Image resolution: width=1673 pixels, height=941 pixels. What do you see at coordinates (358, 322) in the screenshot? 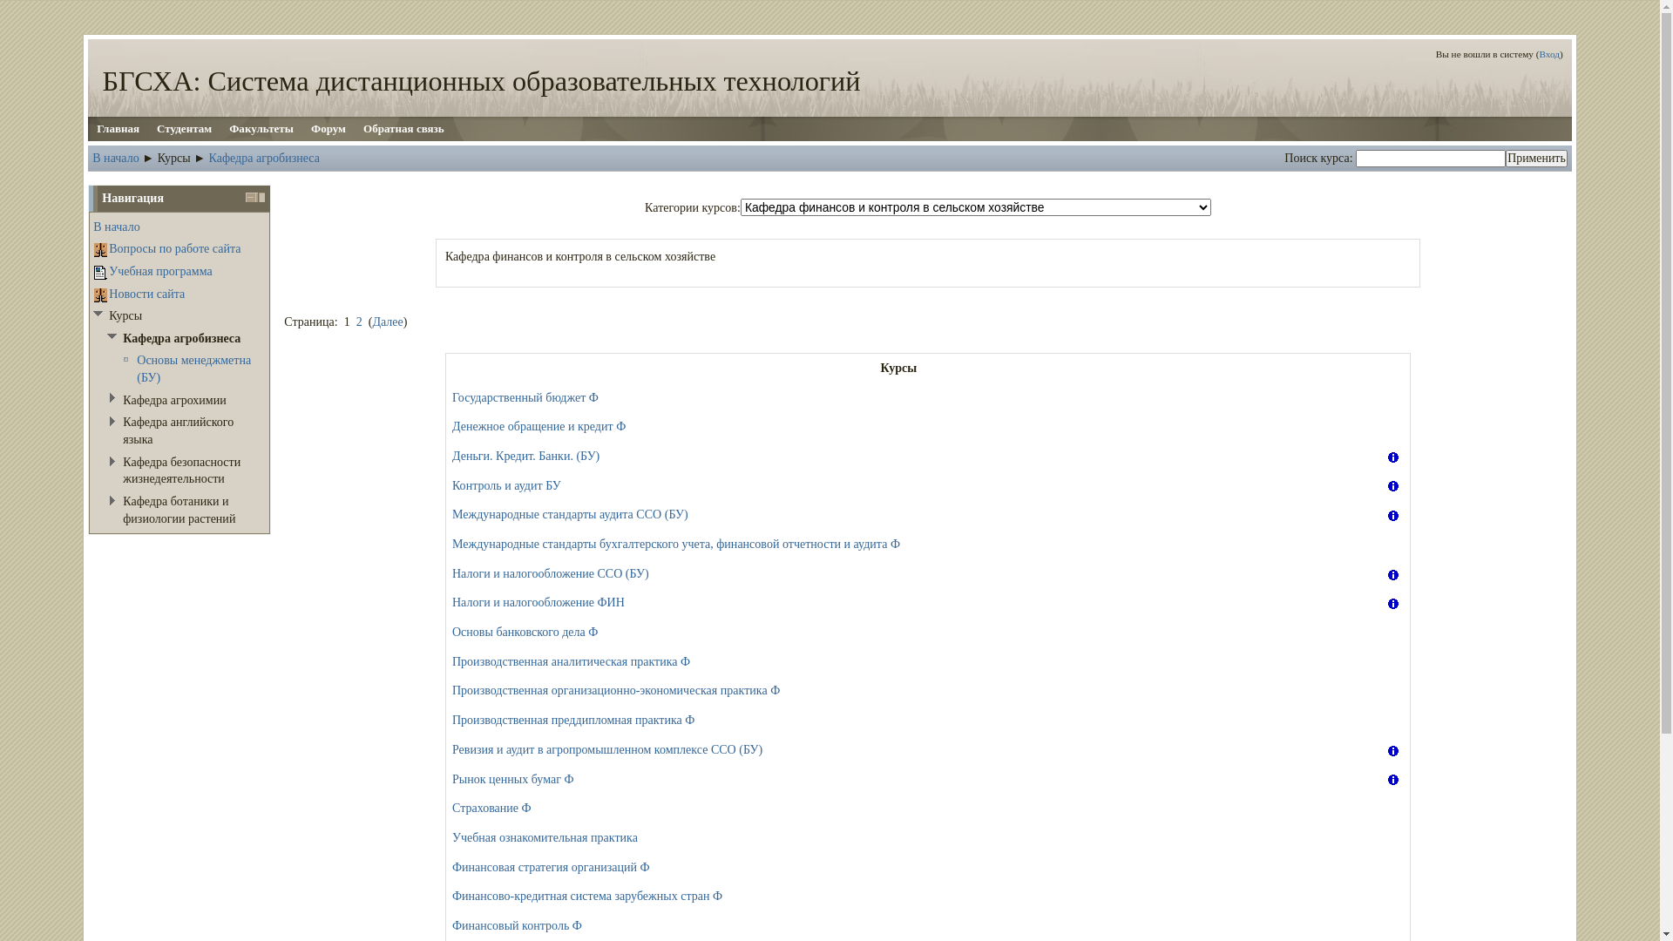
I see `'2'` at bounding box center [358, 322].